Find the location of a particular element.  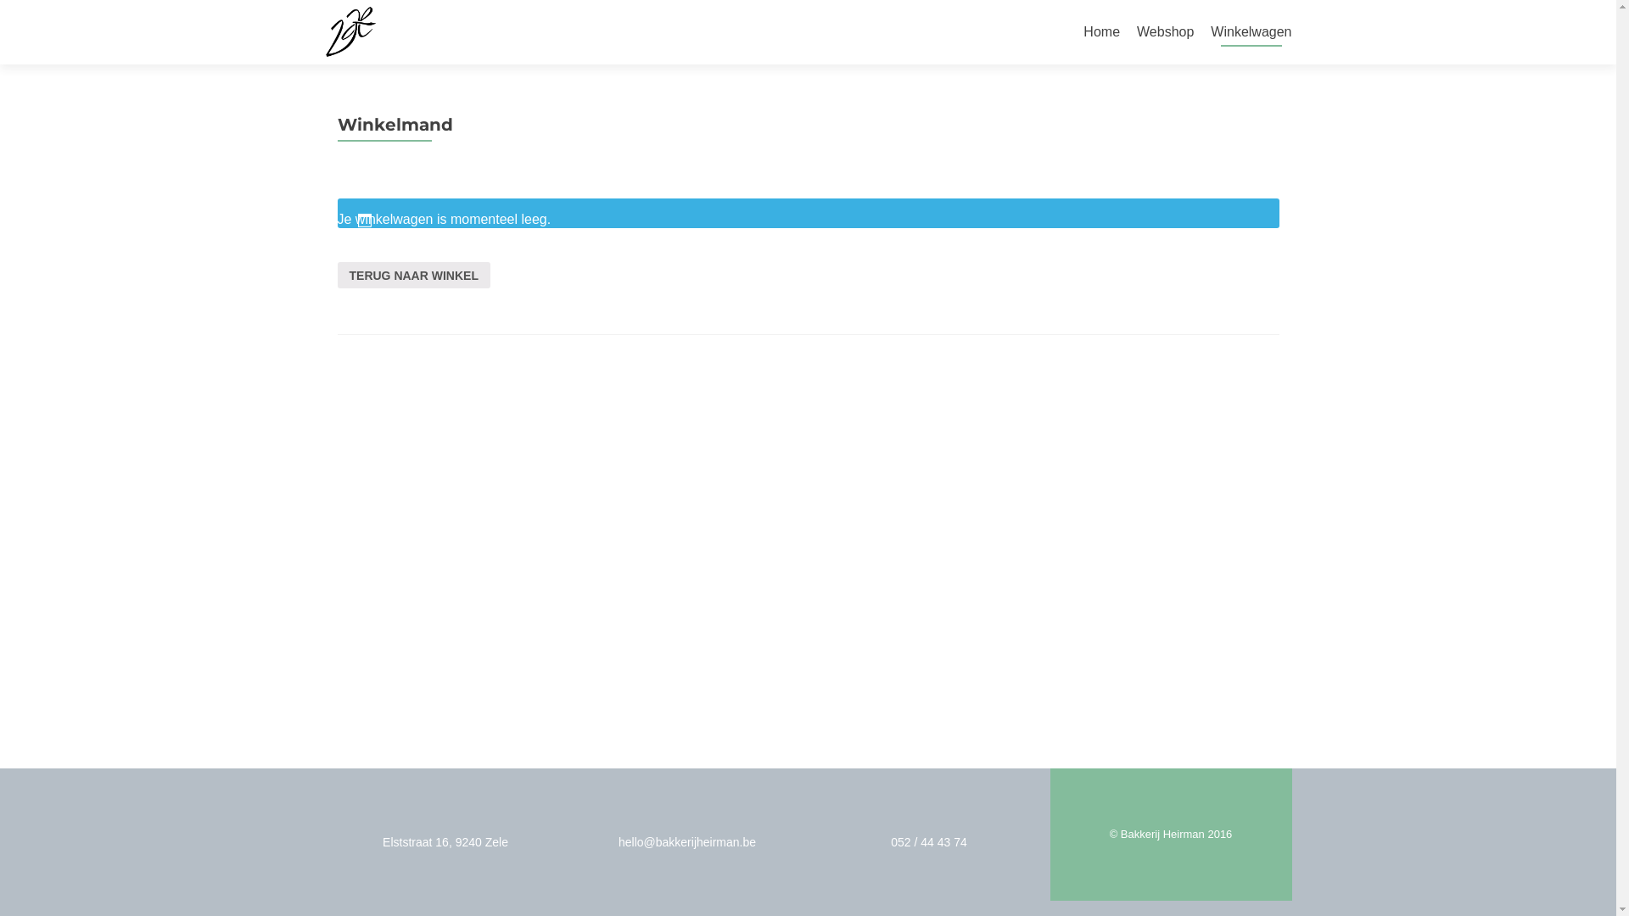

'hello@bakkerijheirman.be' is located at coordinates (687, 841).